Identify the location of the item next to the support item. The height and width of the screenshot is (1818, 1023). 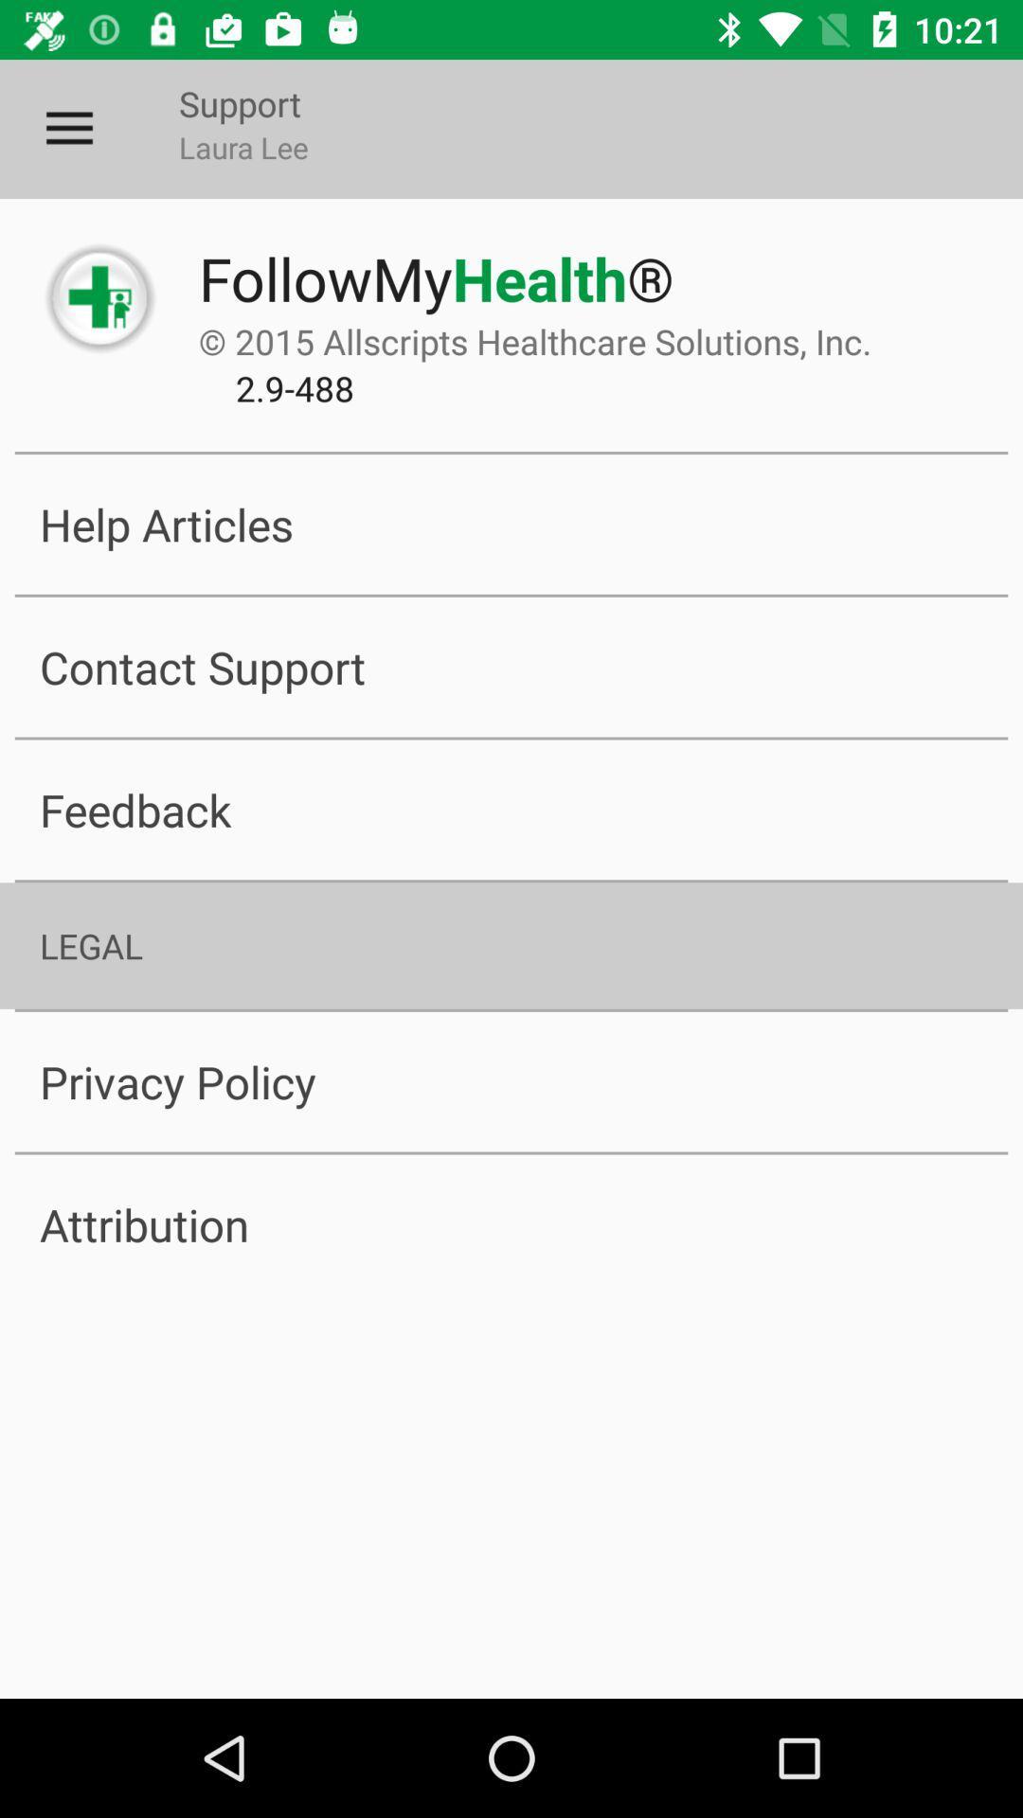
(68, 128).